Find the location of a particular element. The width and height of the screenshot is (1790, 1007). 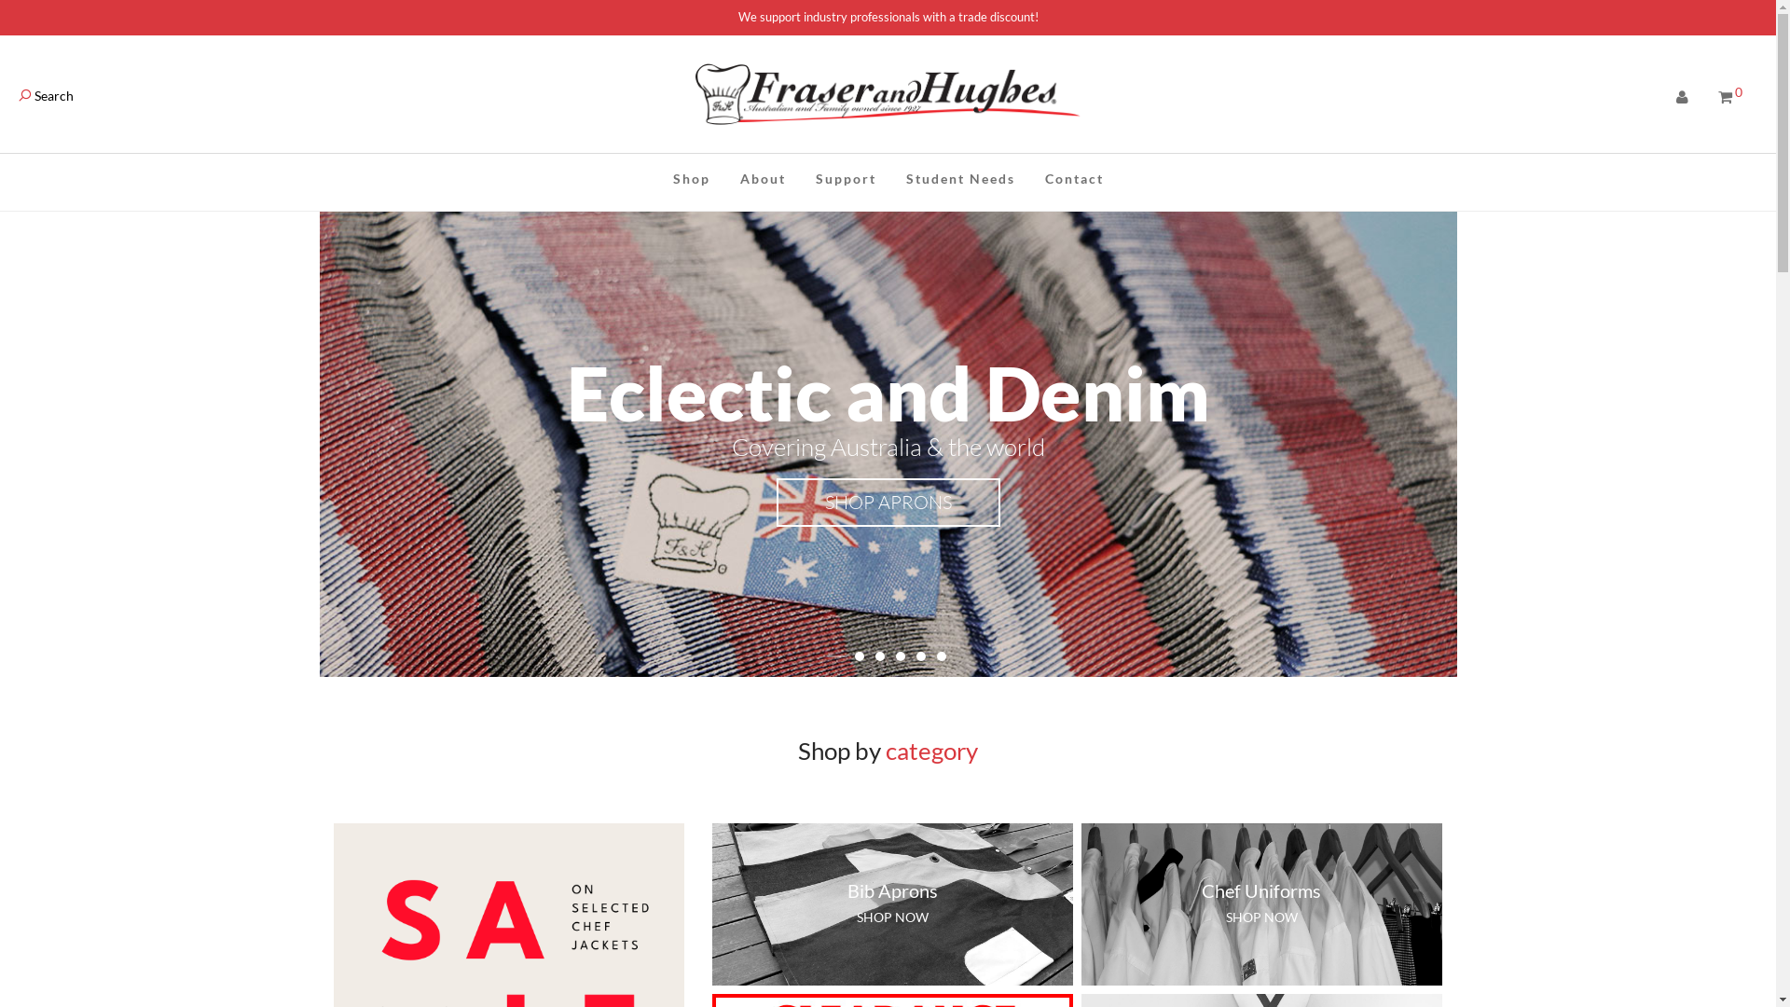

'Bib Aprons' is located at coordinates (891, 890).